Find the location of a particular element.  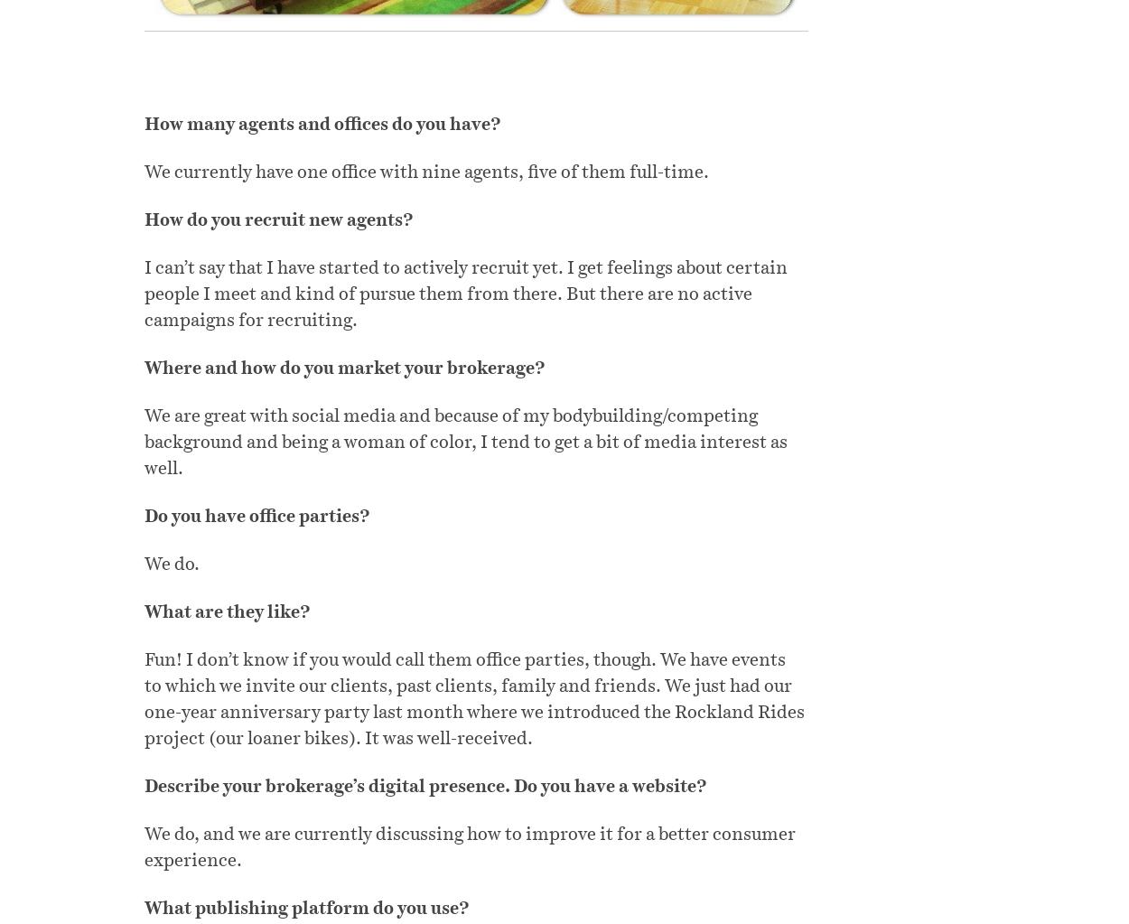

'How do you recruit new agents?' is located at coordinates (278, 219).